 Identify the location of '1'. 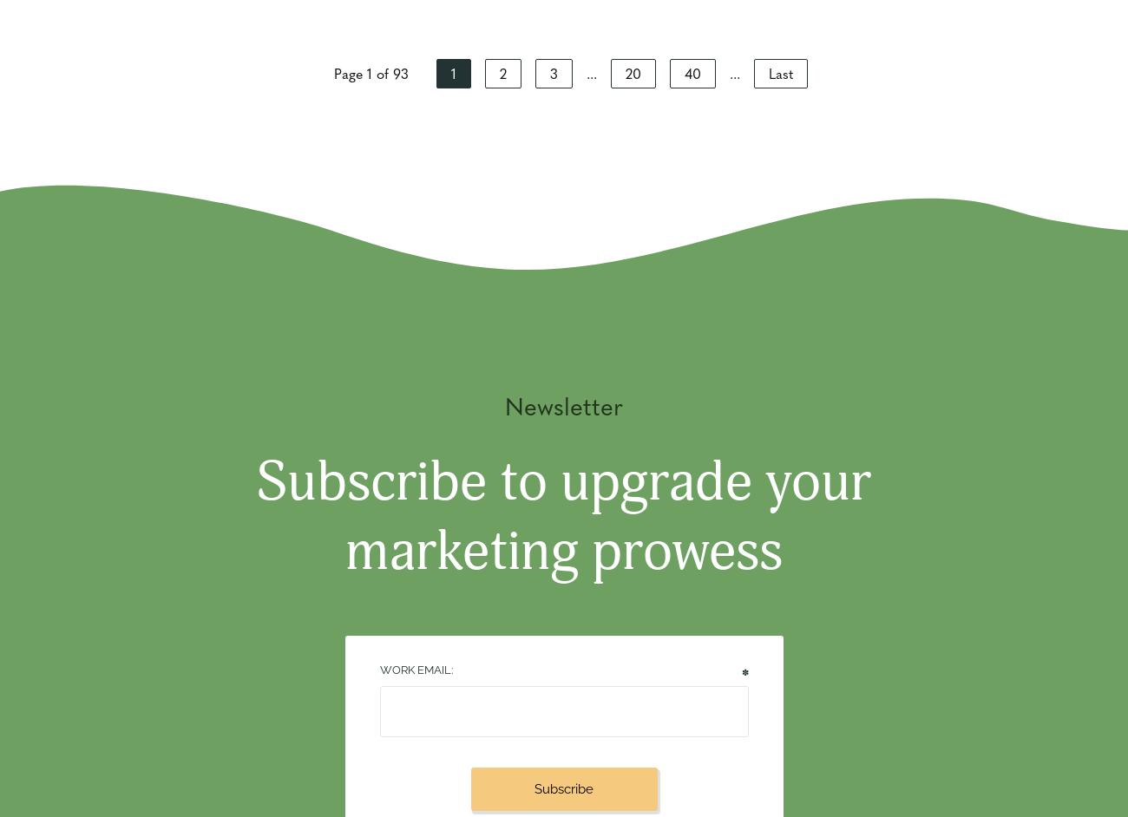
(453, 72).